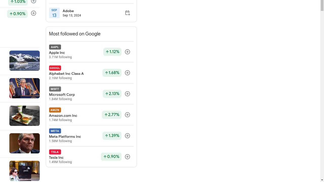 Image resolution: width=324 pixels, height=182 pixels. What do you see at coordinates (127, 12) in the screenshot?
I see `'Add to calendar'` at bounding box center [127, 12].